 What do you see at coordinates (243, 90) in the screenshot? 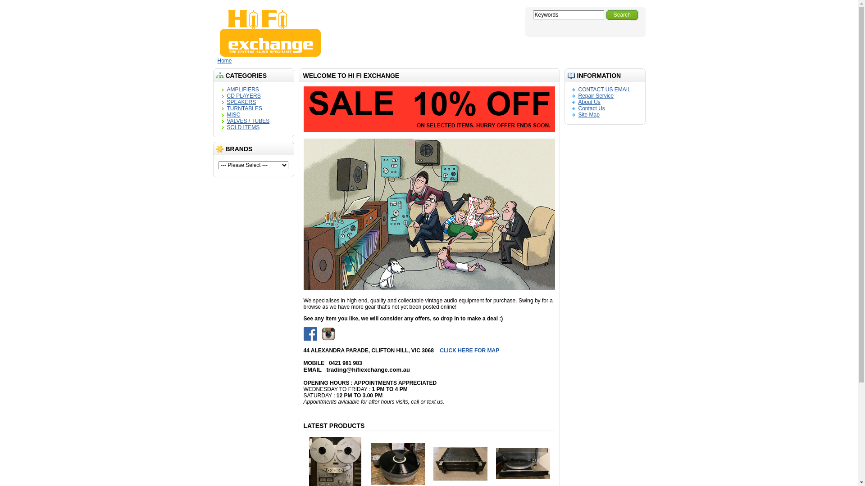
I see `'AMPLIFIERS'` at bounding box center [243, 90].